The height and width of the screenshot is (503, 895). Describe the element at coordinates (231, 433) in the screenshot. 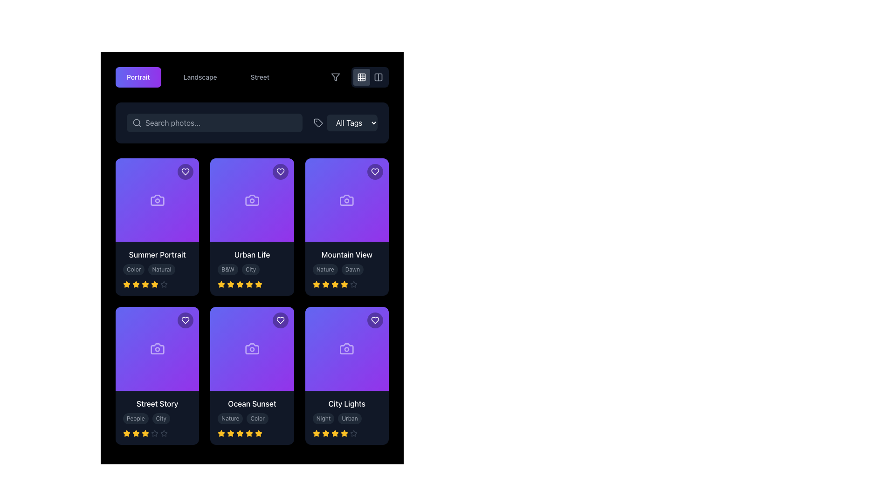

I see `the fourth yellow star icon in the rating system below the 'Ocean Sunset' card` at that location.